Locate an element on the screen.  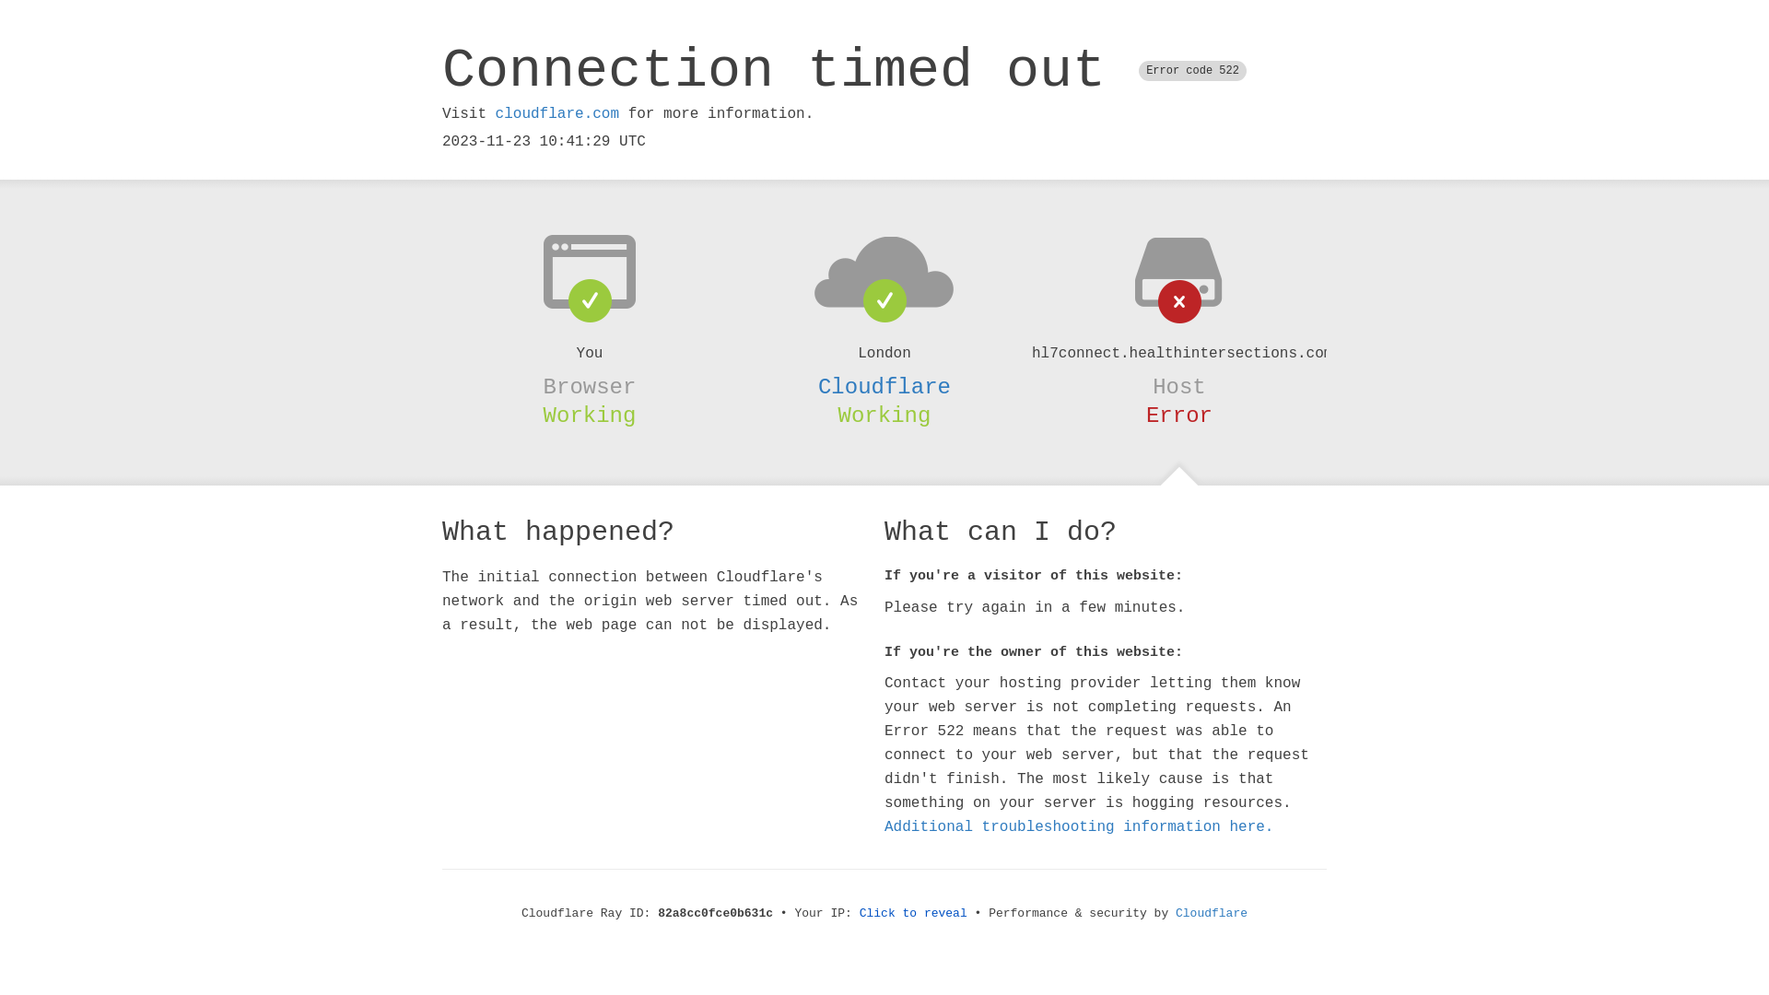
'cloudflare.com' is located at coordinates (556, 113).